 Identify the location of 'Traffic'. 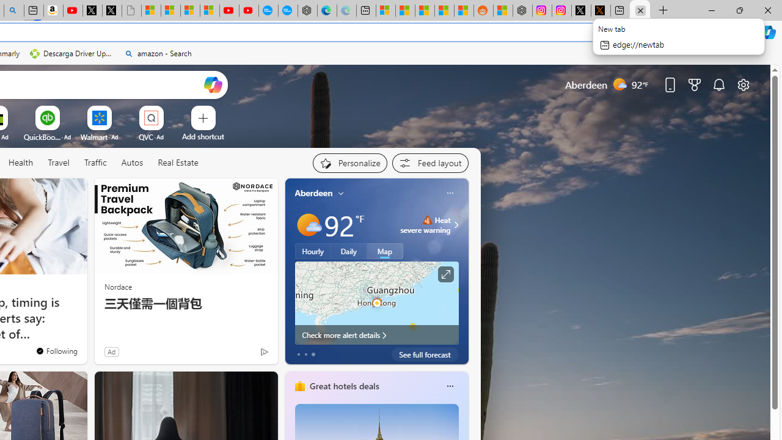
(95, 163).